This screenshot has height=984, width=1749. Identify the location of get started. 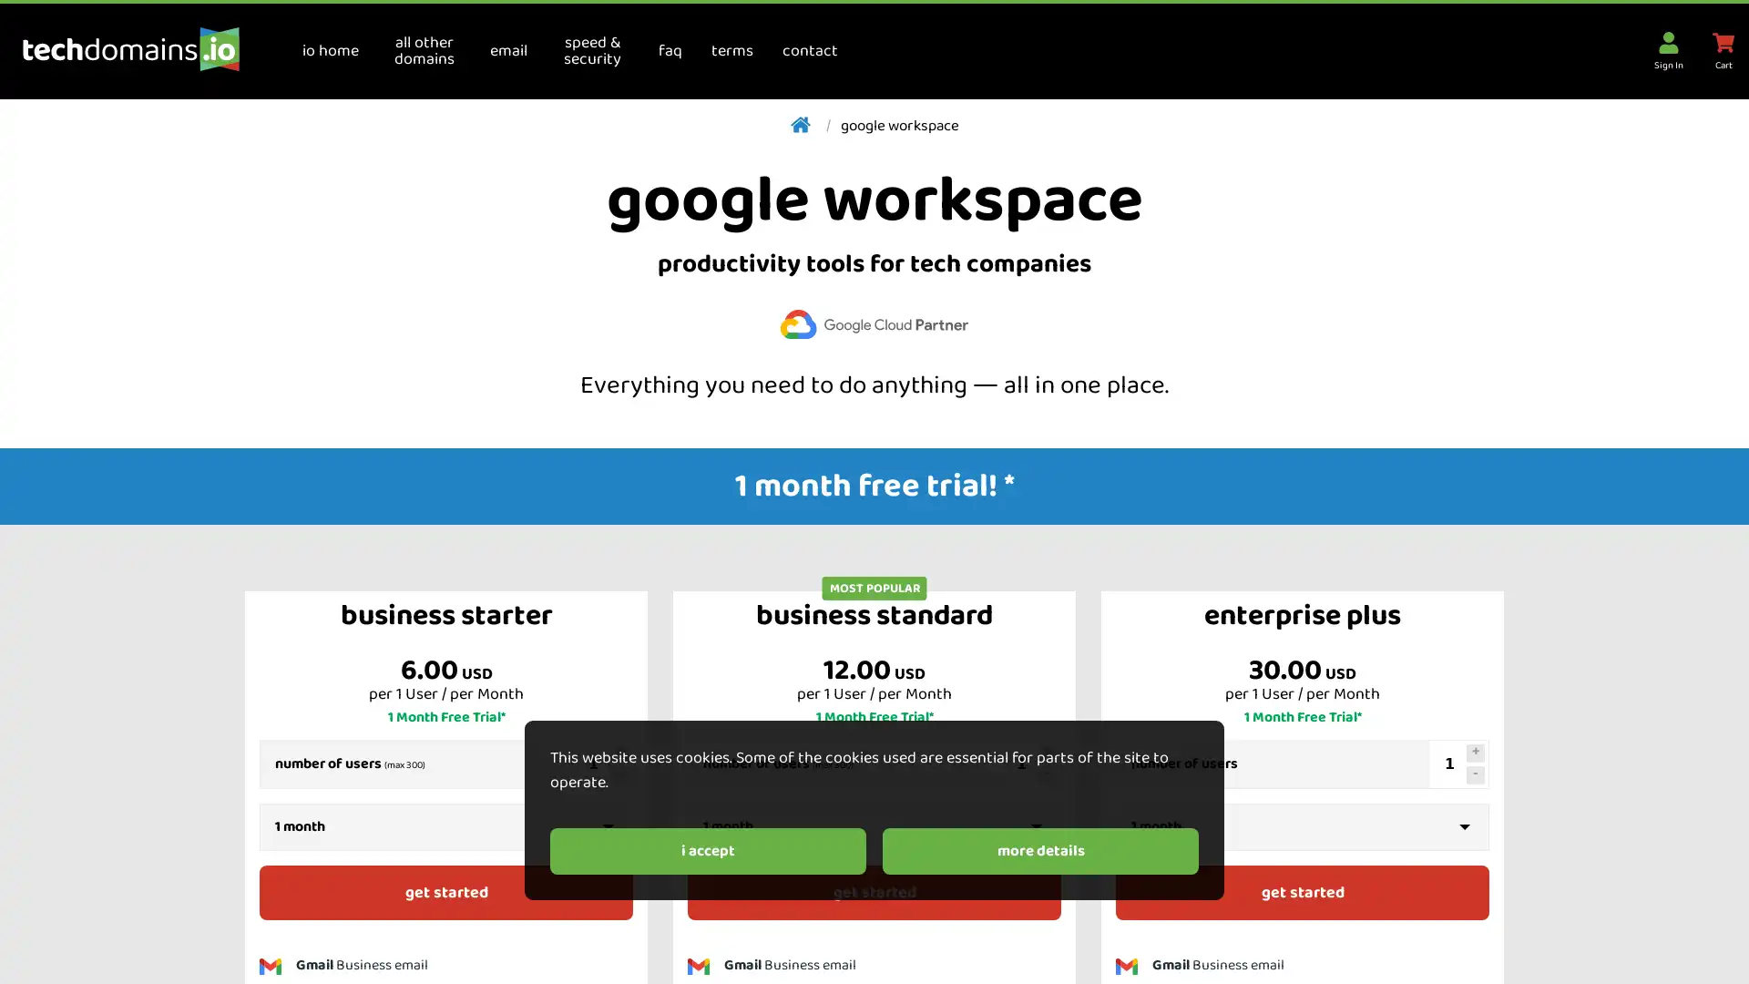
(873, 891).